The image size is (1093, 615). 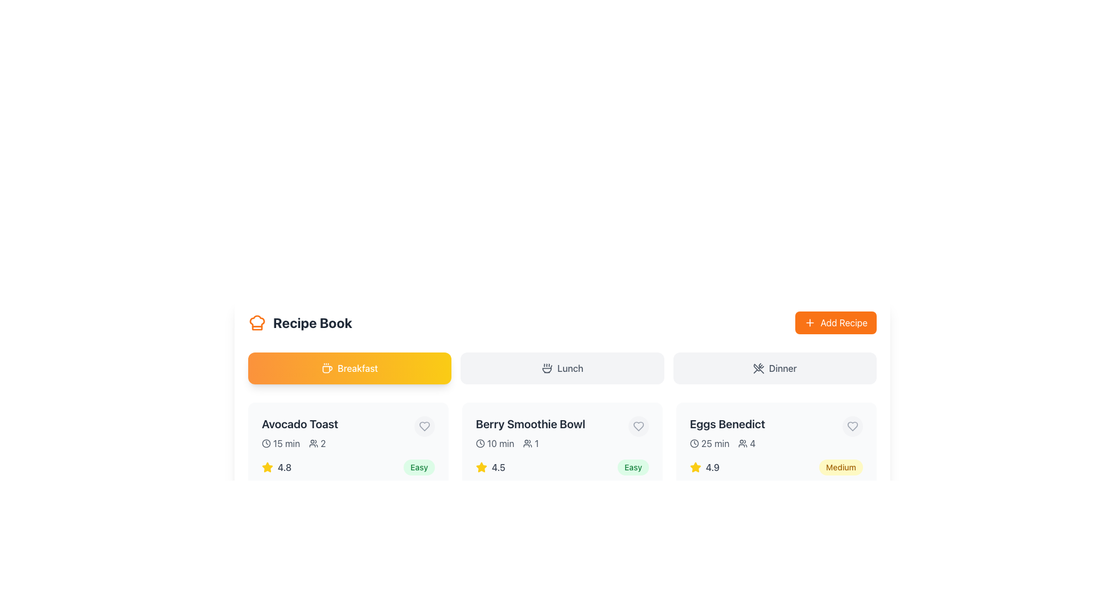 What do you see at coordinates (424, 426) in the screenshot?
I see `the heart icon button located at the top right of the card displaying 'Avocado Toast'` at bounding box center [424, 426].